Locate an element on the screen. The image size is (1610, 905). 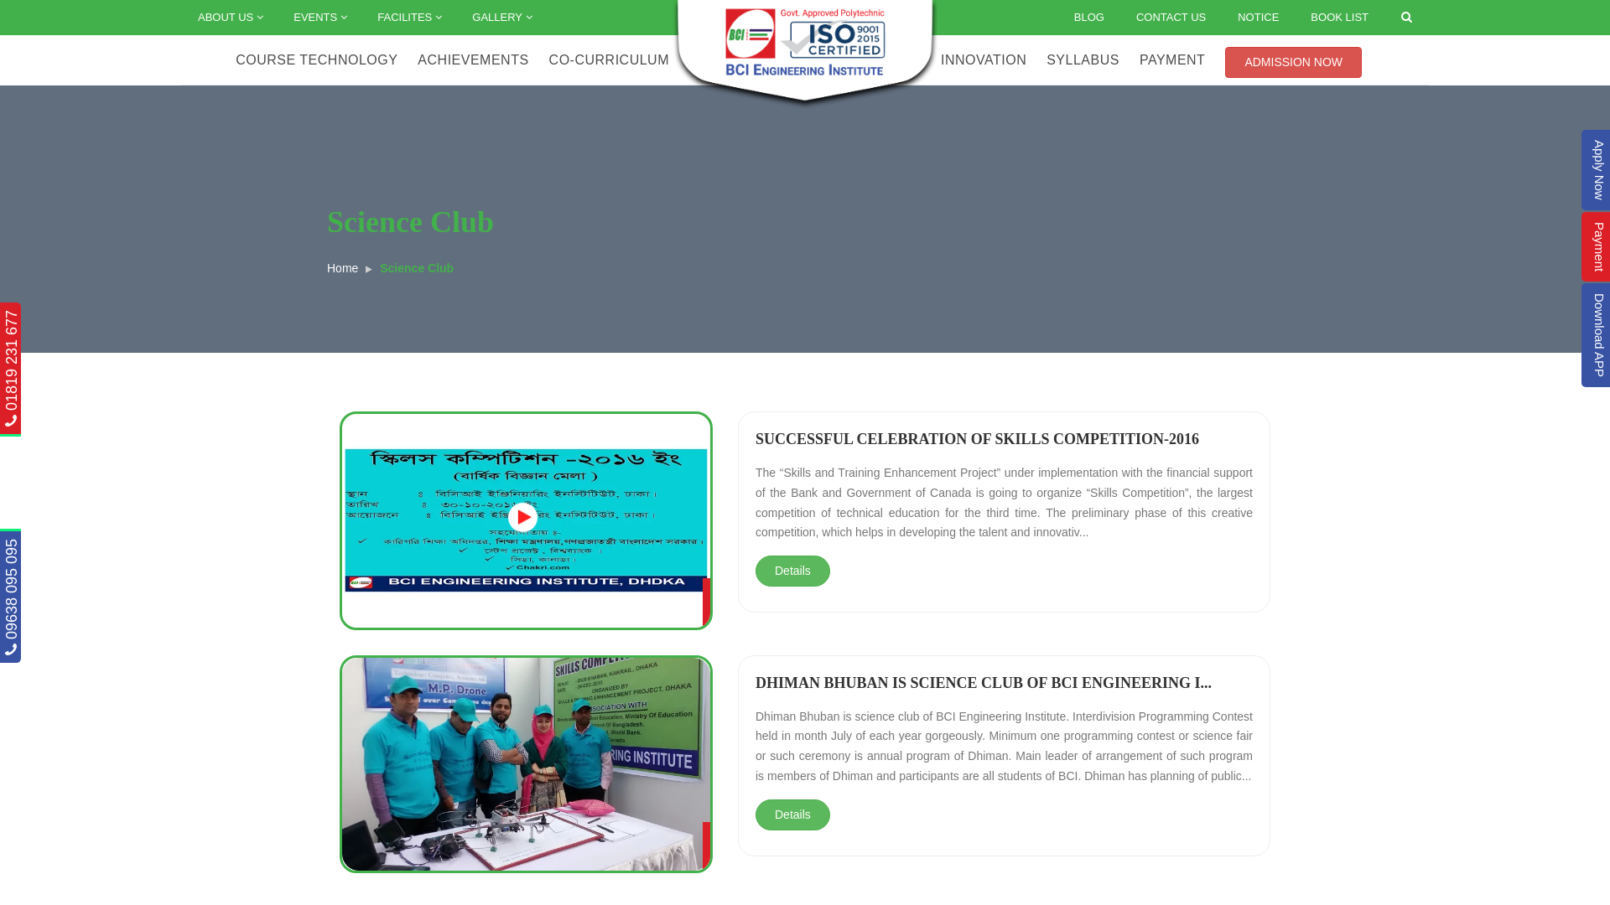
'ACHIEVEMENTS' is located at coordinates (418, 61).